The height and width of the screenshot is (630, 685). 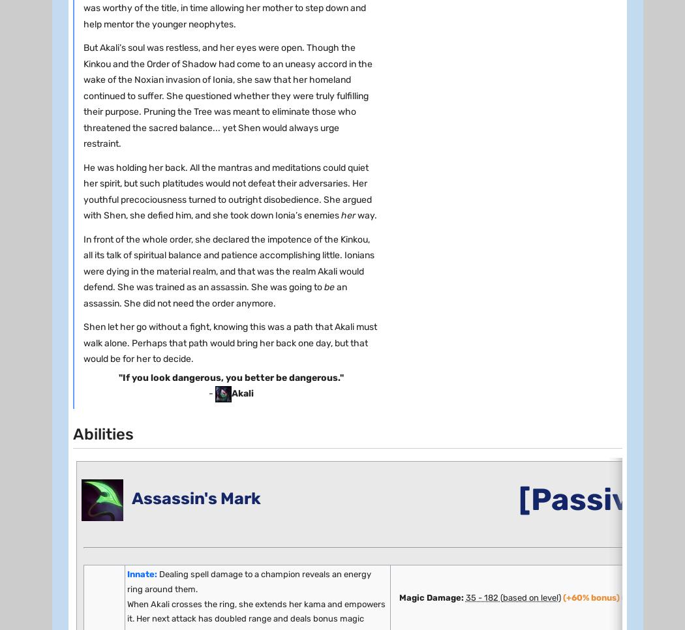 I want to click on '8', so click(x=202, y=48).